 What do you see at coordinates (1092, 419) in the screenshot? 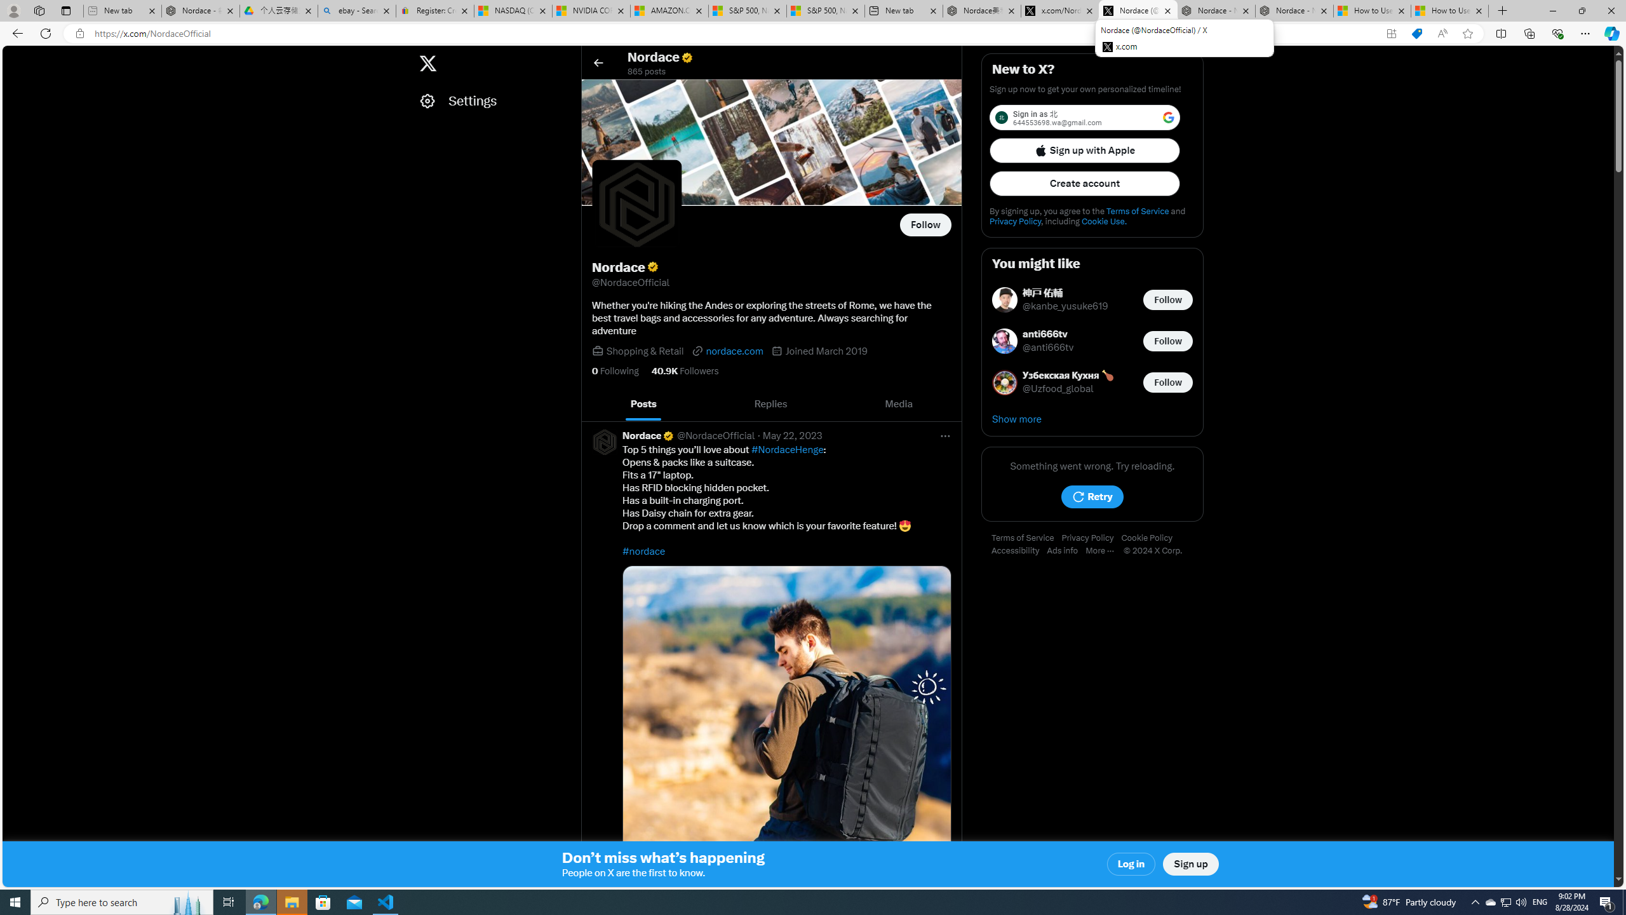
I see `'Show more'` at bounding box center [1092, 419].